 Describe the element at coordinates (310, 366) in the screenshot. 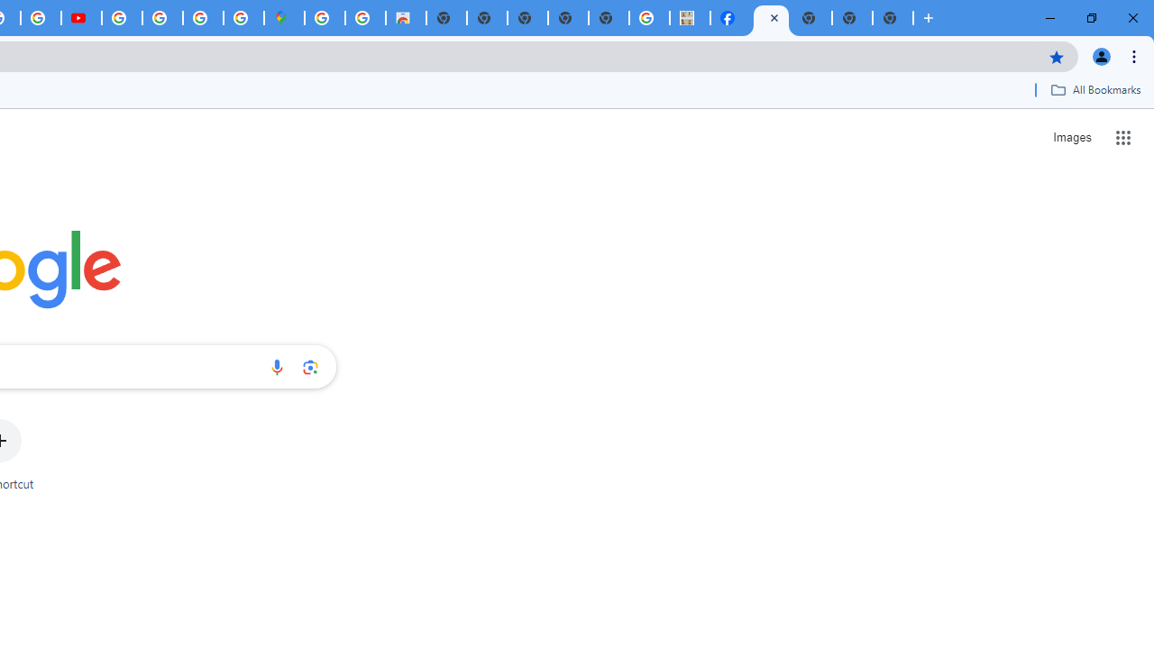

I see `'Search by image'` at that location.